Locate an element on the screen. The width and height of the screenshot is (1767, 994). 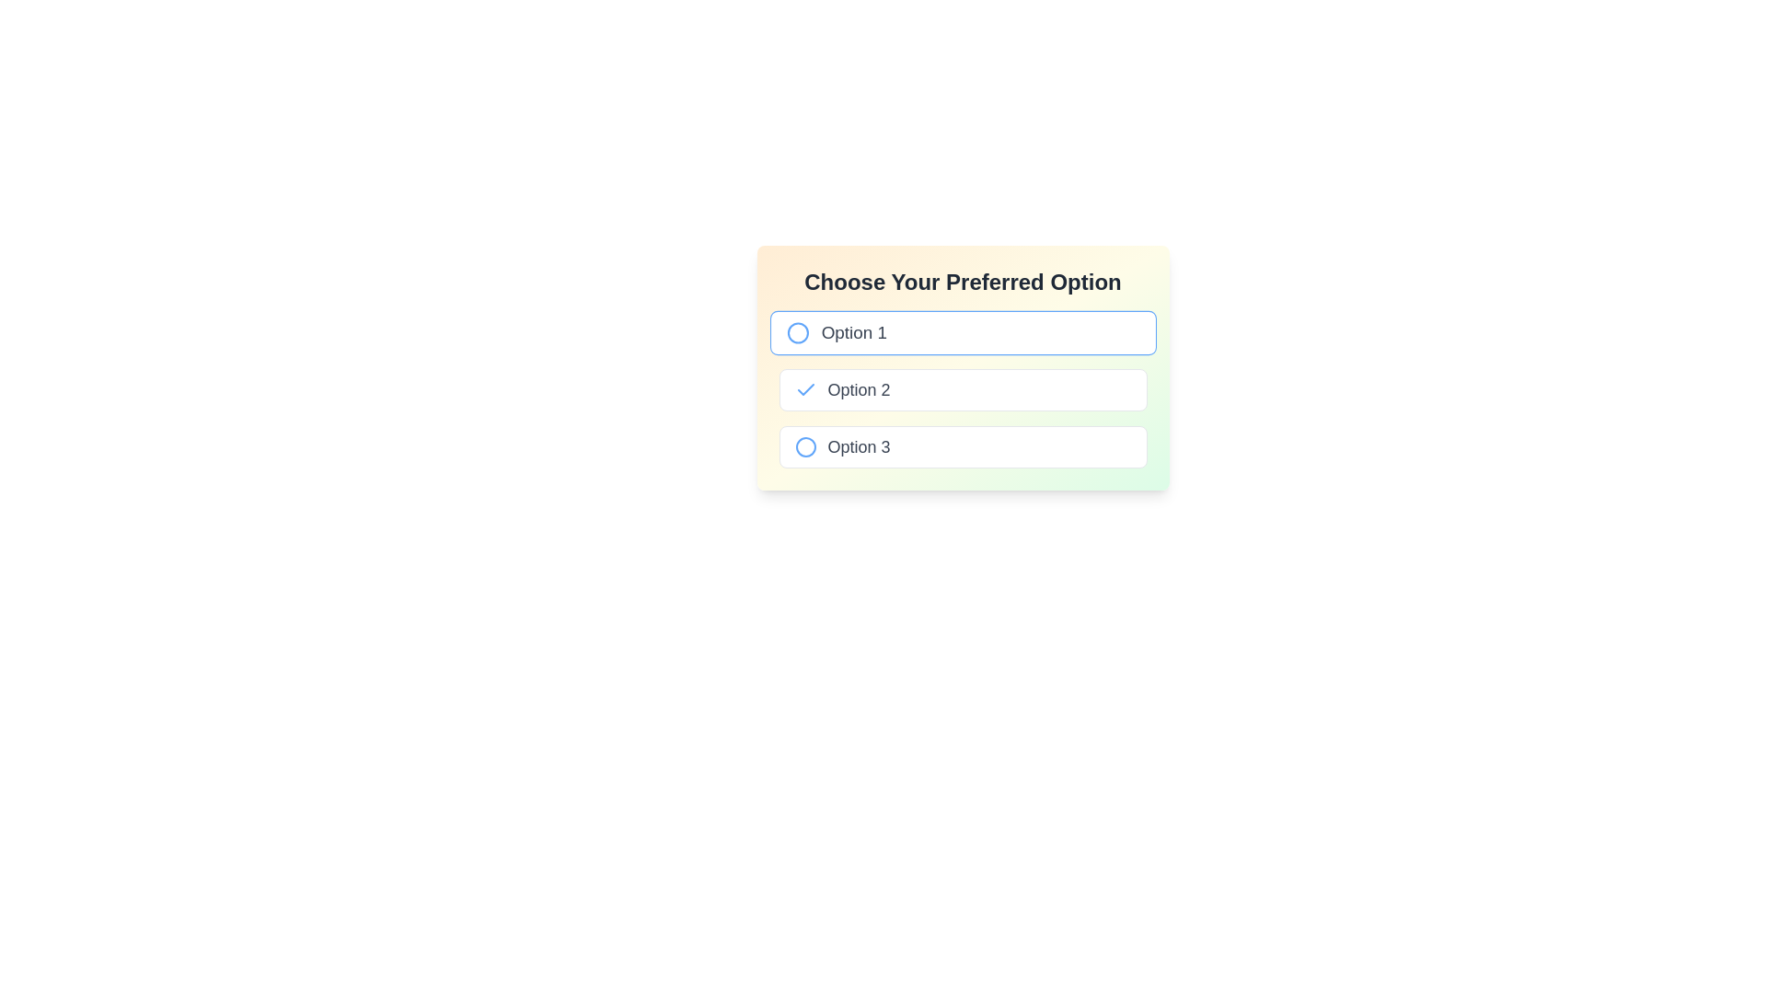
the radio button associated with 'Option 3', which is visually indicated by the text label in the bottom row of the selection options is located at coordinates (858, 447).